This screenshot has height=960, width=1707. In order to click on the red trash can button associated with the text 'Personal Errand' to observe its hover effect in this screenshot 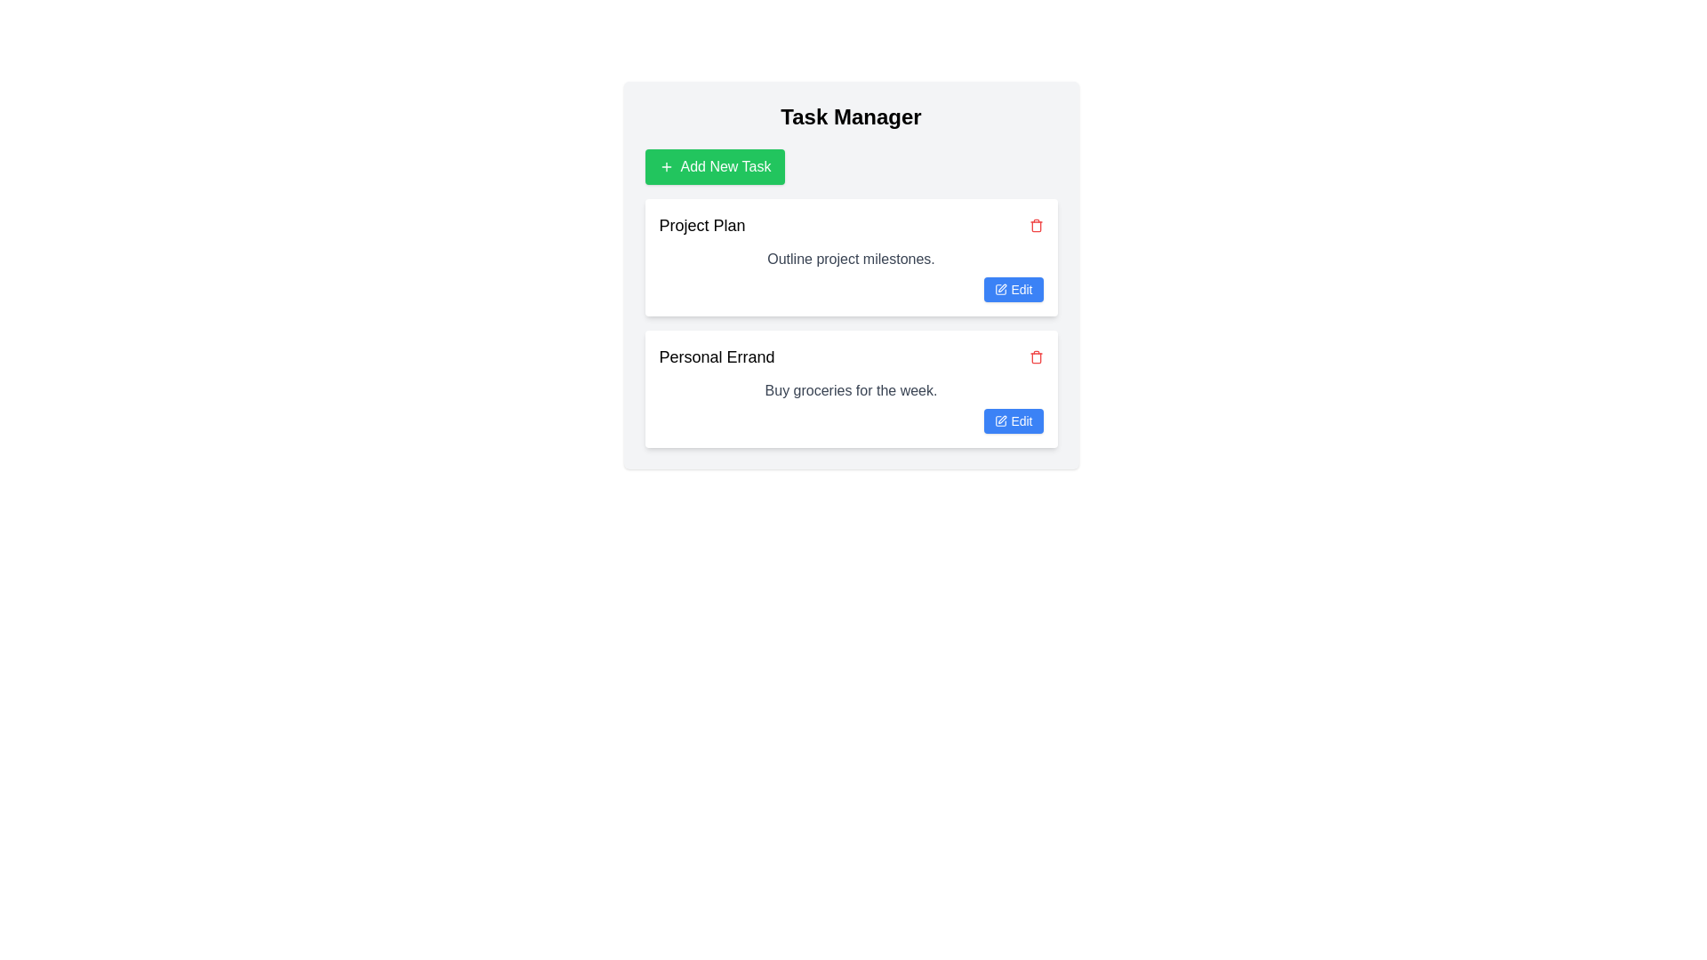, I will do `click(1036, 356)`.